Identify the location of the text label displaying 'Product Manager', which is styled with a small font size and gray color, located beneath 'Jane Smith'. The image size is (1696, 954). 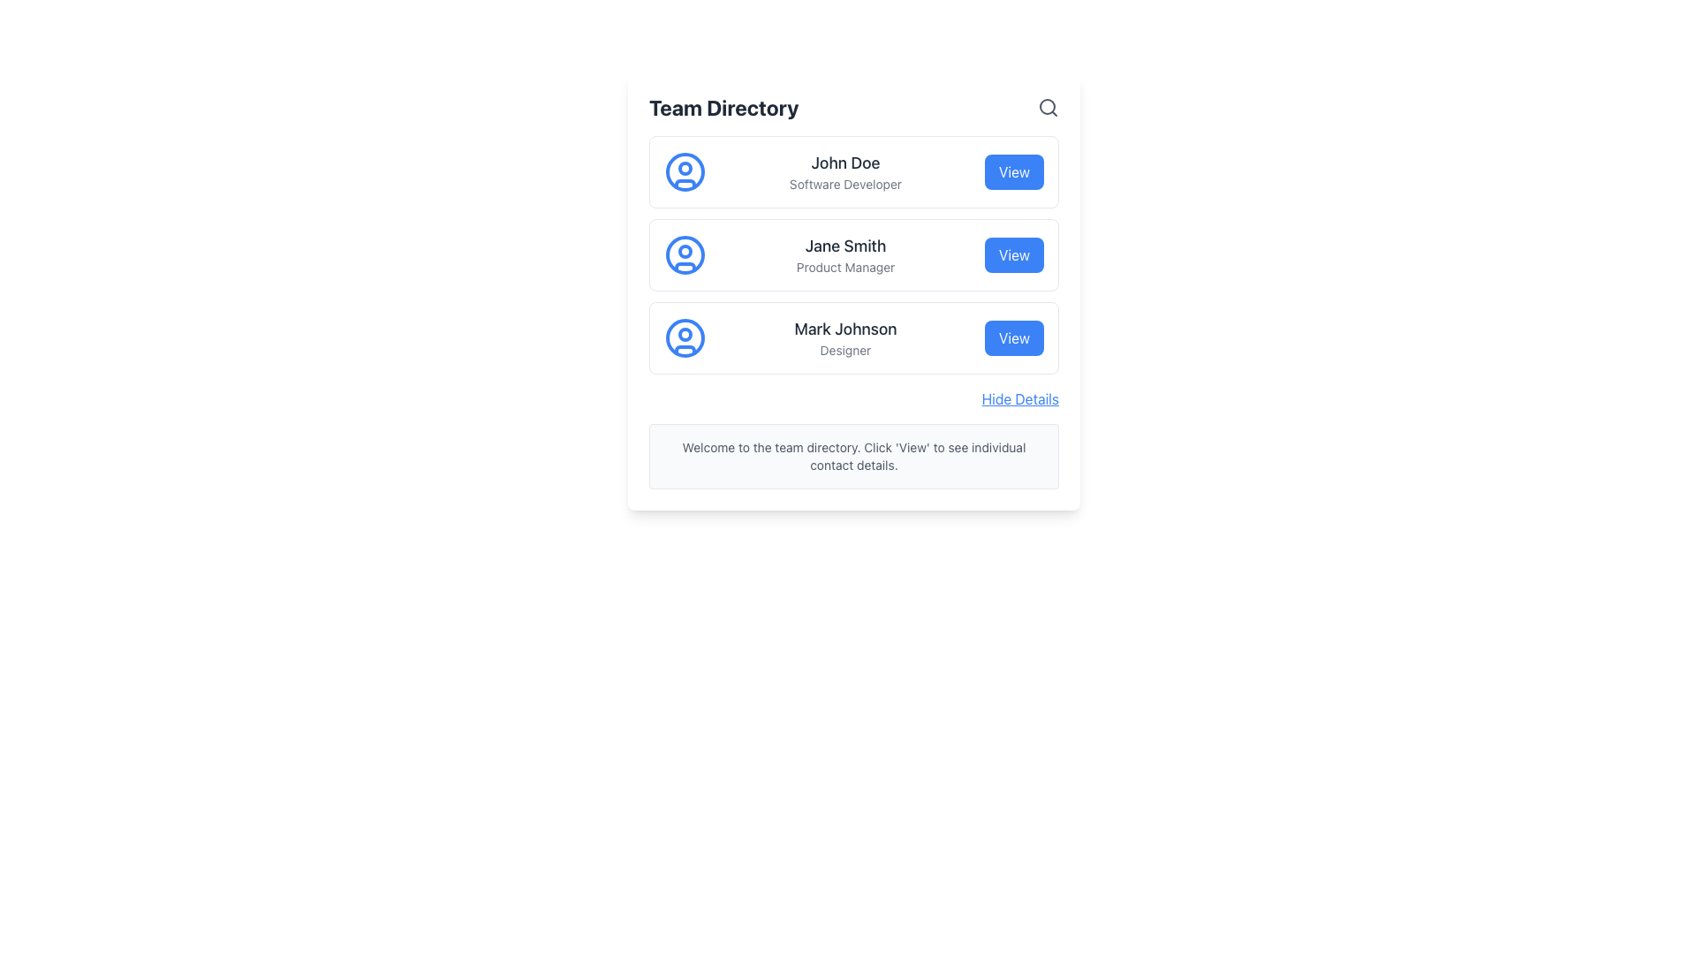
(844, 268).